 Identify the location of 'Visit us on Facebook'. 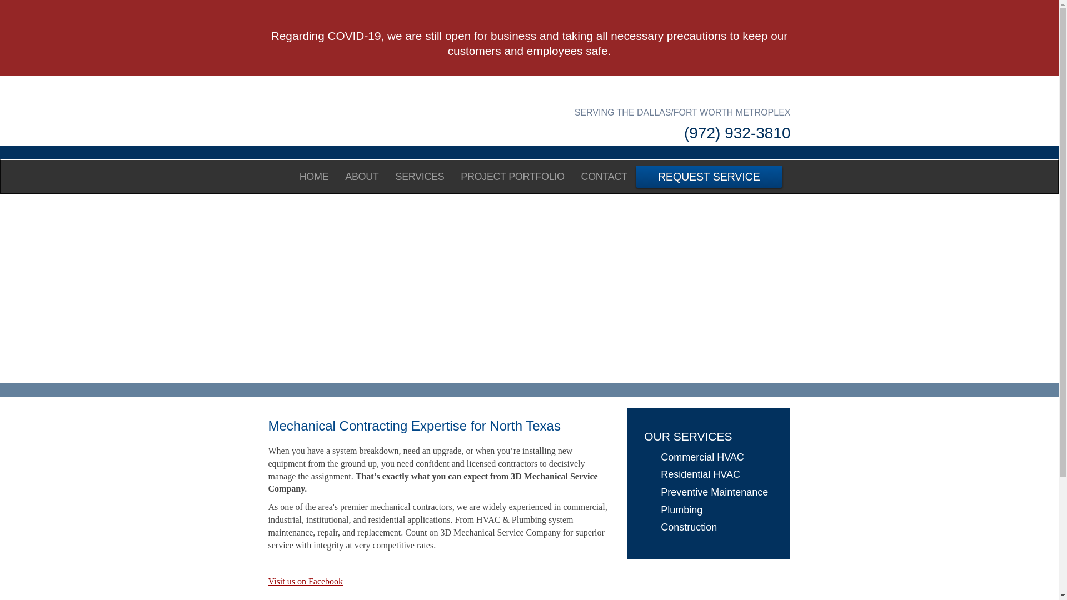
(305, 581).